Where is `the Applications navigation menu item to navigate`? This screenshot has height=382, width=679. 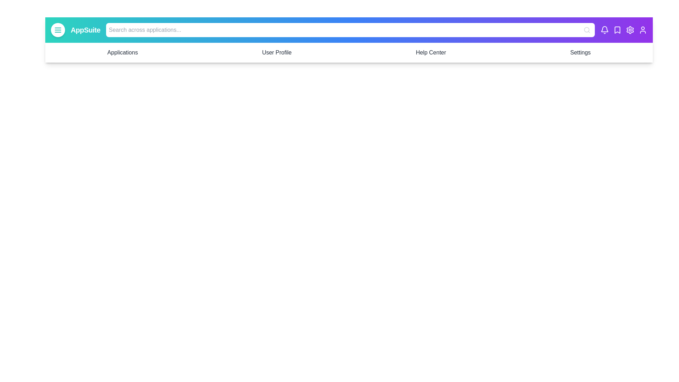 the Applications navigation menu item to navigate is located at coordinates (122, 52).